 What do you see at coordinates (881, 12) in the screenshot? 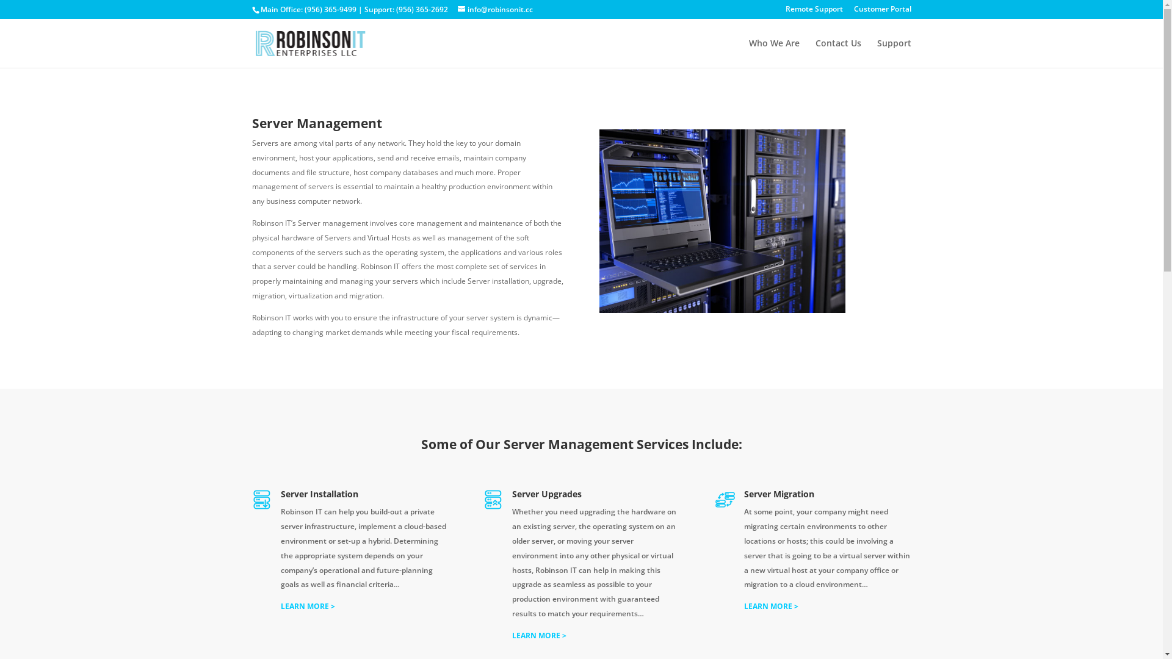
I see `'Customer Portal'` at bounding box center [881, 12].